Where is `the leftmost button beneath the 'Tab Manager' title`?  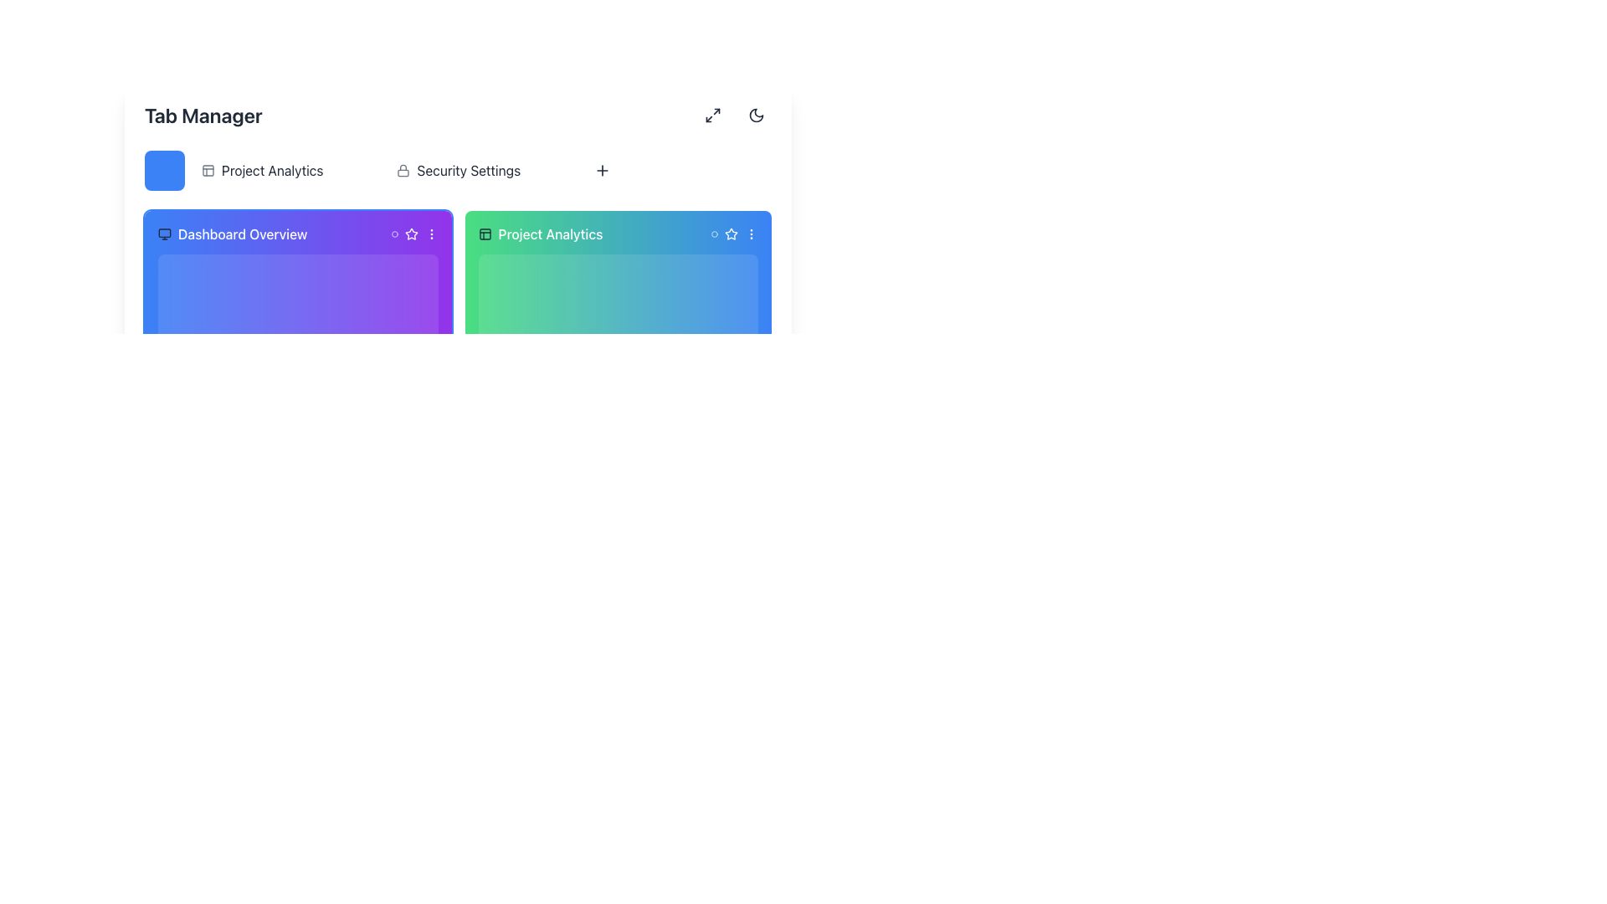
the leftmost button beneath the 'Tab Manager' title is located at coordinates (164, 171).